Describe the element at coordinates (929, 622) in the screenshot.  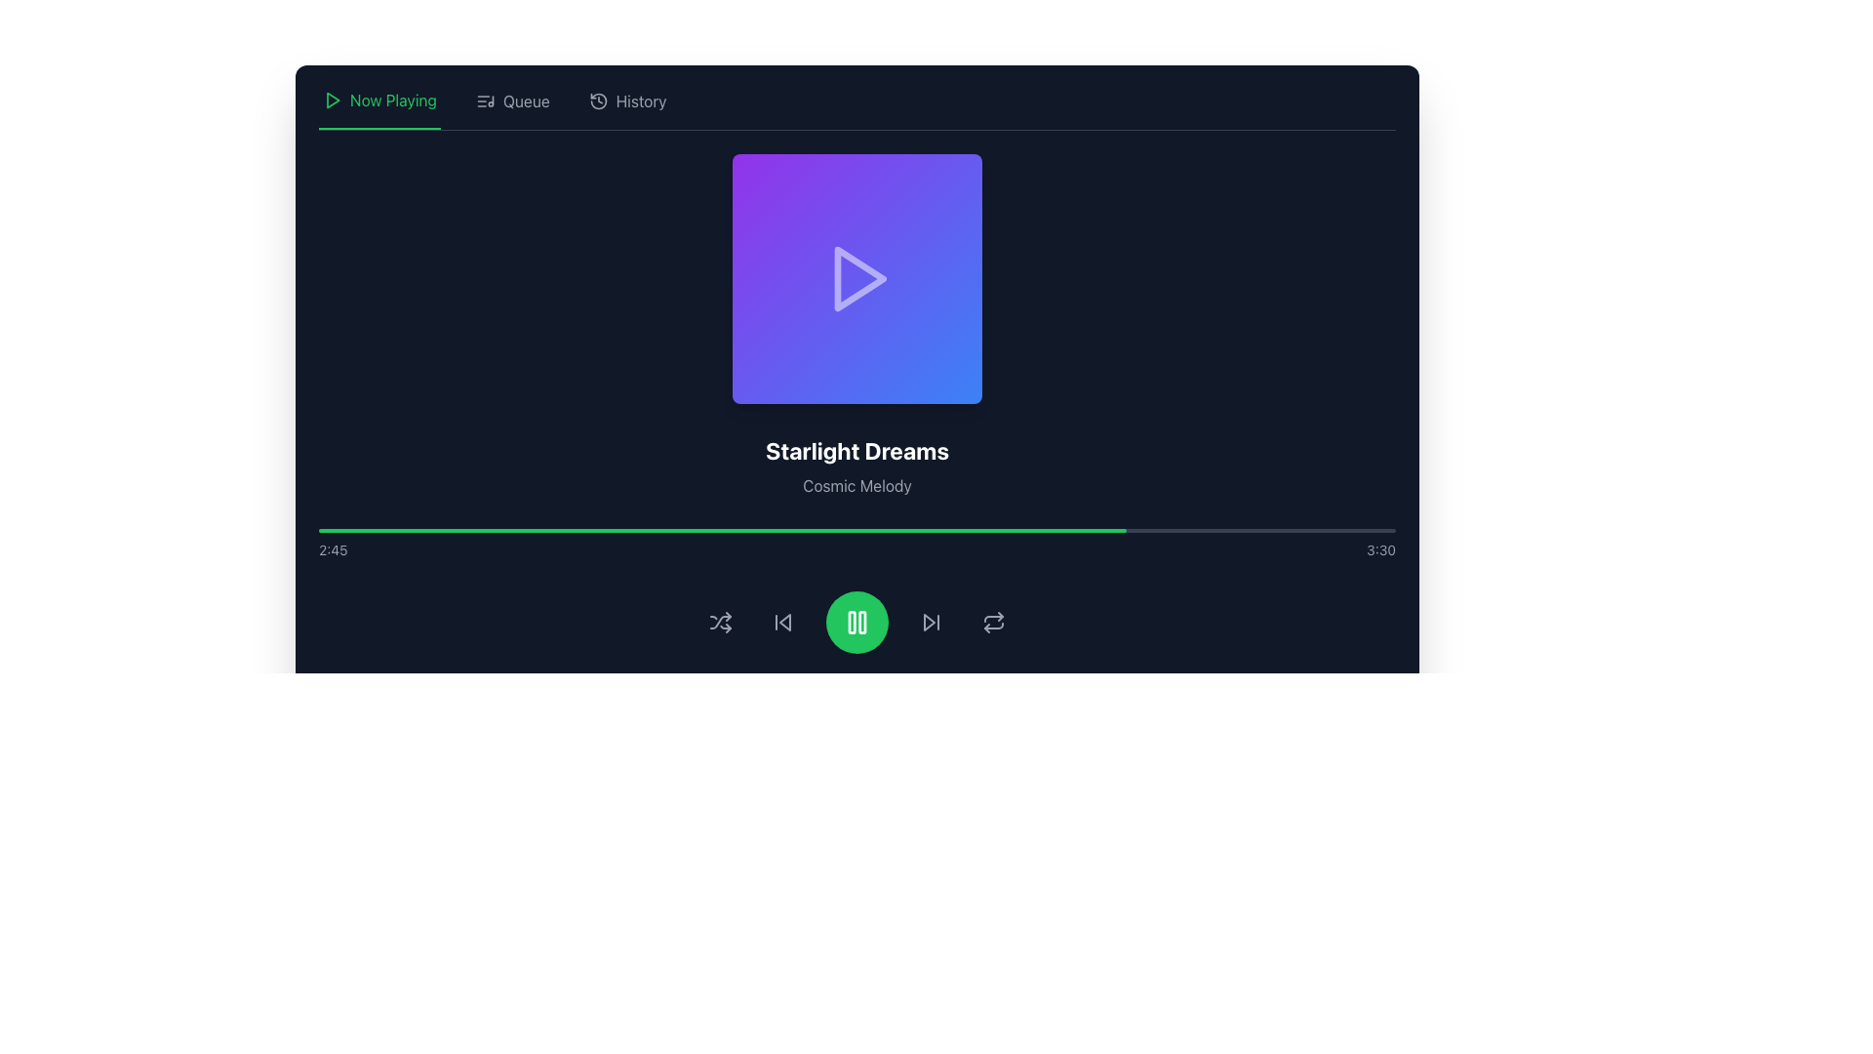
I see `the 'skip forward' icon located in the playback control bar, positioned to the right of the play button, to advance to the next track` at that location.